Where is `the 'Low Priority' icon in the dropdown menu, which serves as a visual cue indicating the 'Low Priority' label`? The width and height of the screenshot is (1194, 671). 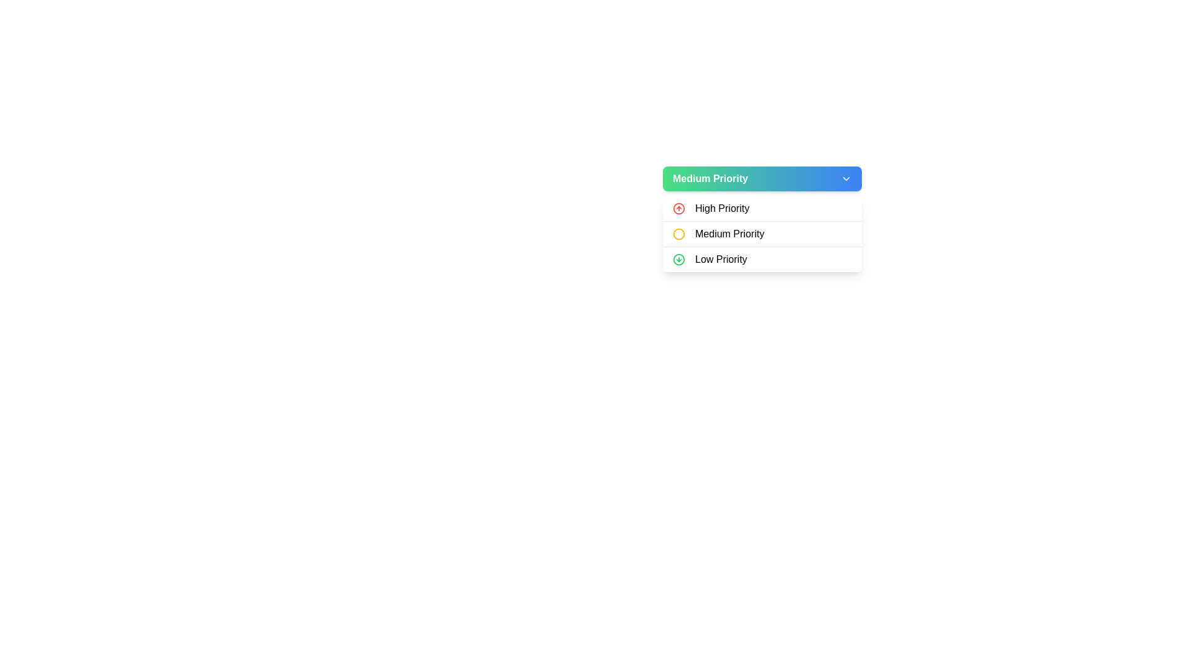 the 'Low Priority' icon in the dropdown menu, which serves as a visual cue indicating the 'Low Priority' label is located at coordinates (678, 258).